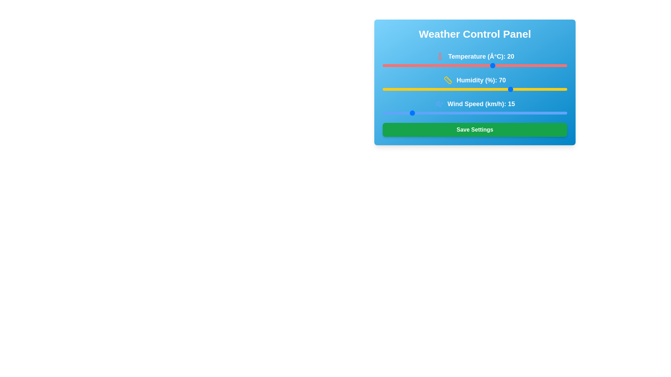 The image size is (671, 377). Describe the element at coordinates (512, 66) in the screenshot. I see `the temperature slider` at that location.